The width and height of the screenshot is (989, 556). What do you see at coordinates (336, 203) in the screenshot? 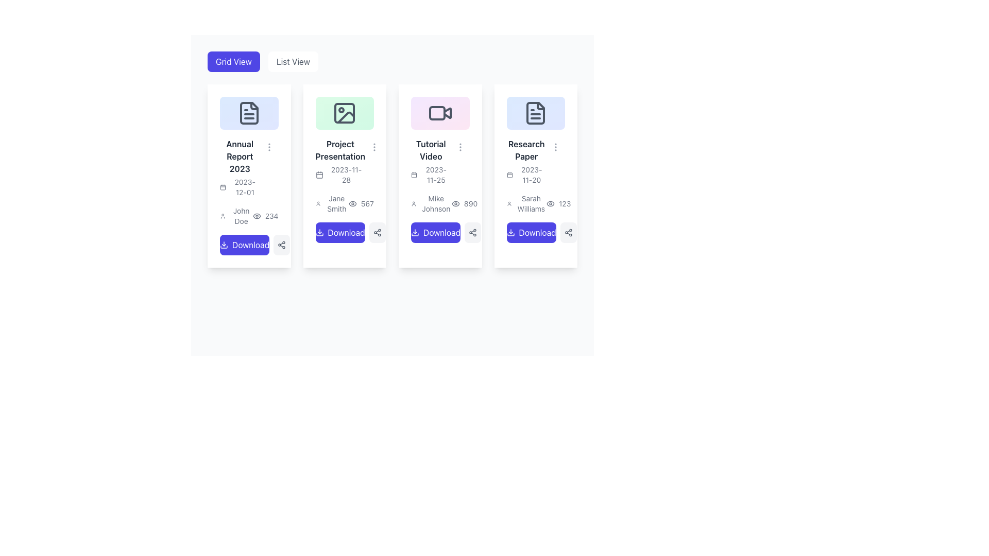
I see `the text label displaying 'Jane Smith' located within the second card of a grid view, positioned below a user profile icon and above a views indicator` at bounding box center [336, 203].